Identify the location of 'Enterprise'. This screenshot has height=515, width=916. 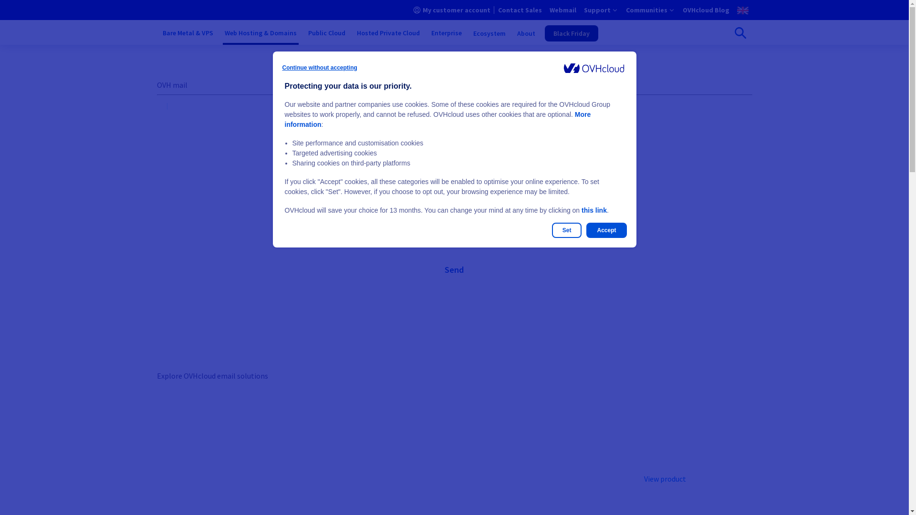
(446, 32).